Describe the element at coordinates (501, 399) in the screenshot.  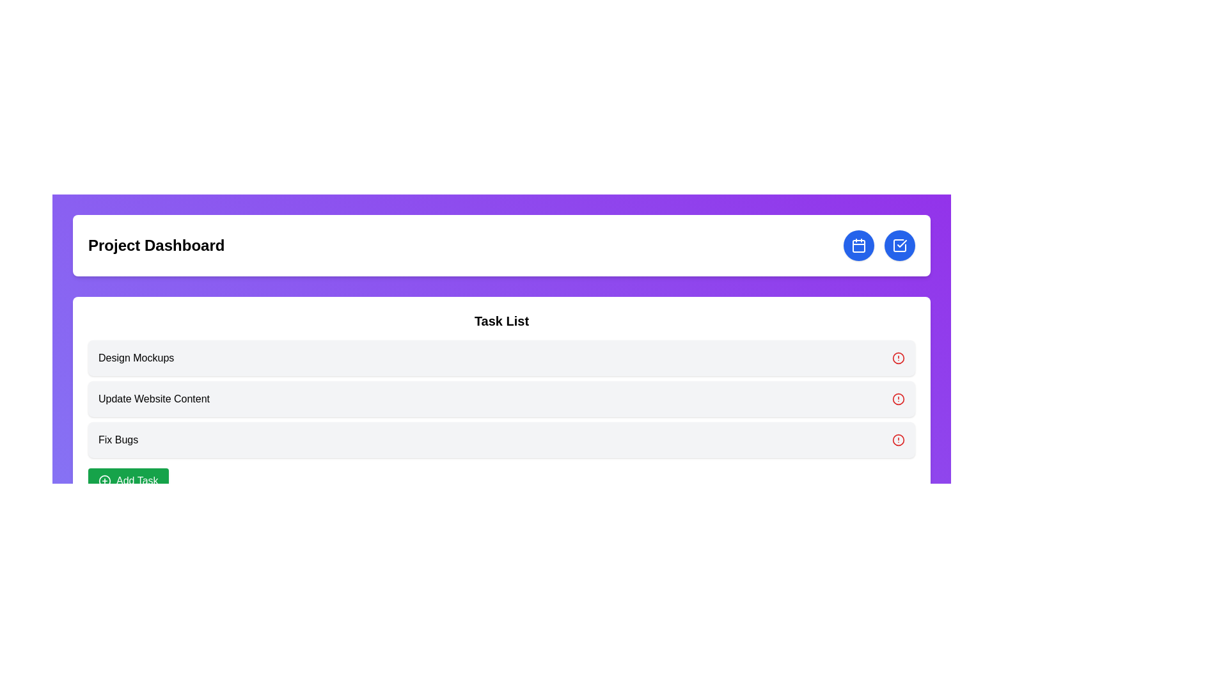
I see `the 'Update Website Content' task item` at that location.